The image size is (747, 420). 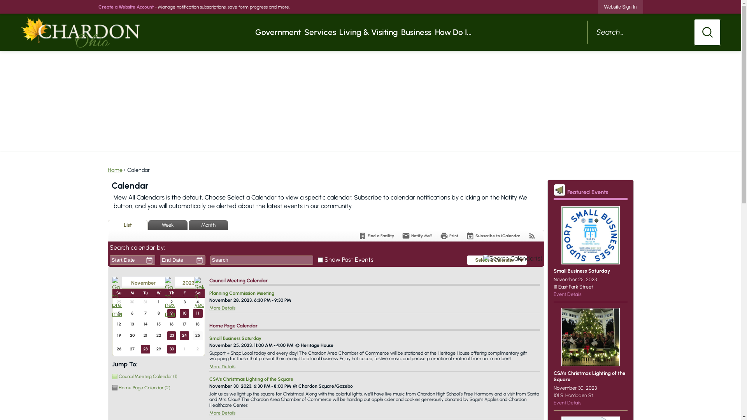 What do you see at coordinates (143, 283) in the screenshot?
I see `'November'` at bounding box center [143, 283].